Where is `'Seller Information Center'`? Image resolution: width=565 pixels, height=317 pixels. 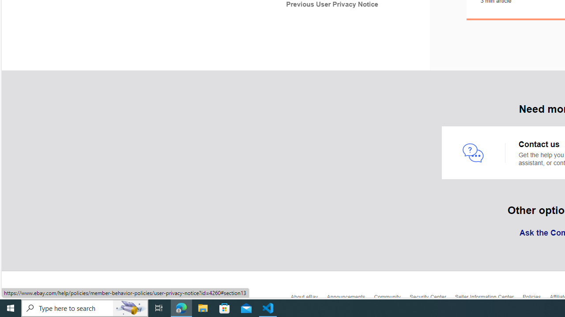
'Seller Information Center' is located at coordinates (488, 299).